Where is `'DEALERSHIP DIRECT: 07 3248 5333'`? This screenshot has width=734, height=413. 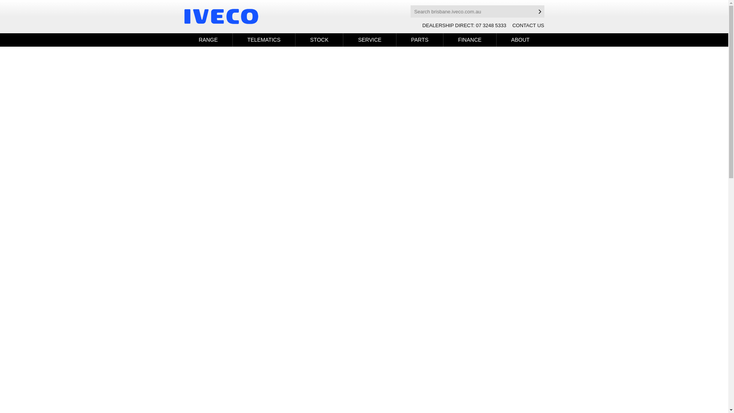 'DEALERSHIP DIRECT: 07 3248 5333' is located at coordinates (422, 25).